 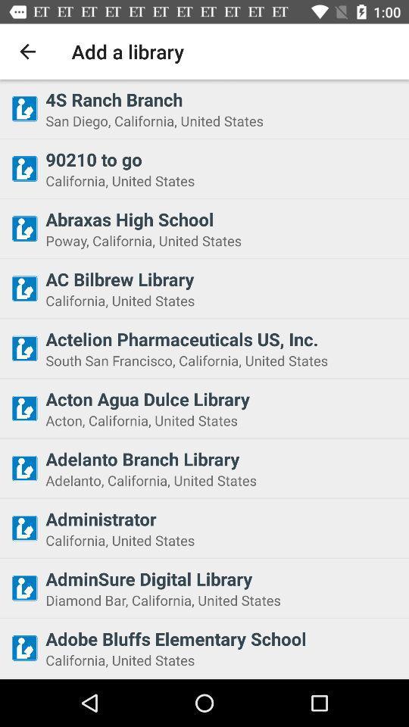 What do you see at coordinates (222, 339) in the screenshot?
I see `icon below the california, united states` at bounding box center [222, 339].